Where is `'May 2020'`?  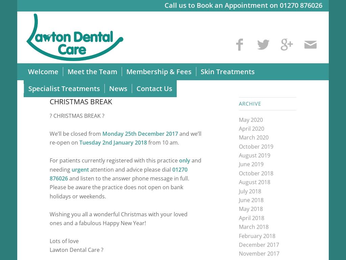
'May 2020' is located at coordinates (239, 119).